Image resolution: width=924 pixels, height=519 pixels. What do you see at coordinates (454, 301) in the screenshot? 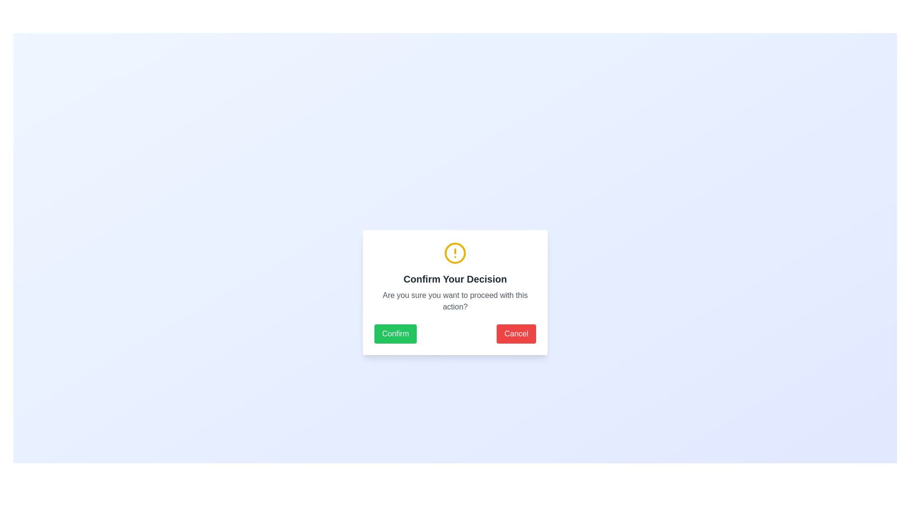
I see `the text block that prompts the user to confirm their decision, located beneath the 'Confirm Your Decision' bold text in the confirmation dialog box` at bounding box center [454, 301].